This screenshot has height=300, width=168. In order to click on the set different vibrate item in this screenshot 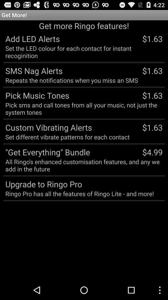, I will do `click(67, 137)`.